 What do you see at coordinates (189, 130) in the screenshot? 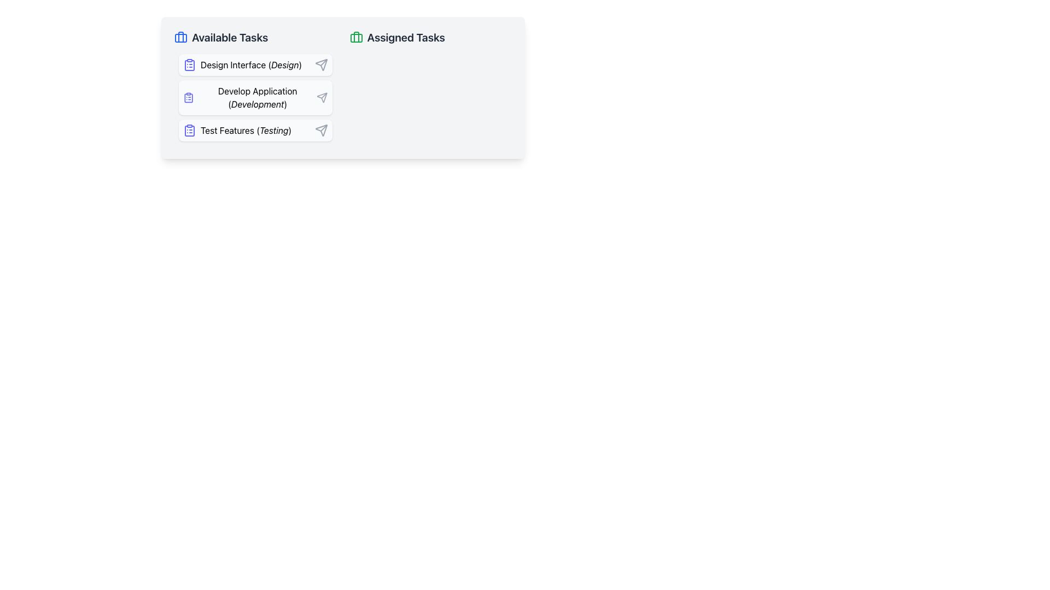
I see `the clipboard icon styled in indigo-blue located to the left of the text 'Test Features (Testing)' in the bottom section of the 'Available Tasks' list` at bounding box center [189, 130].